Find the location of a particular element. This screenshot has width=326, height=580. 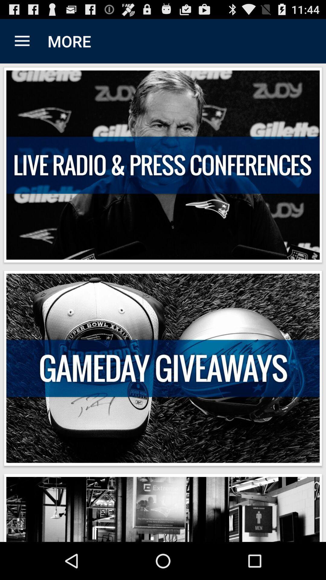

the item to the left of the more app is located at coordinates (22, 41).